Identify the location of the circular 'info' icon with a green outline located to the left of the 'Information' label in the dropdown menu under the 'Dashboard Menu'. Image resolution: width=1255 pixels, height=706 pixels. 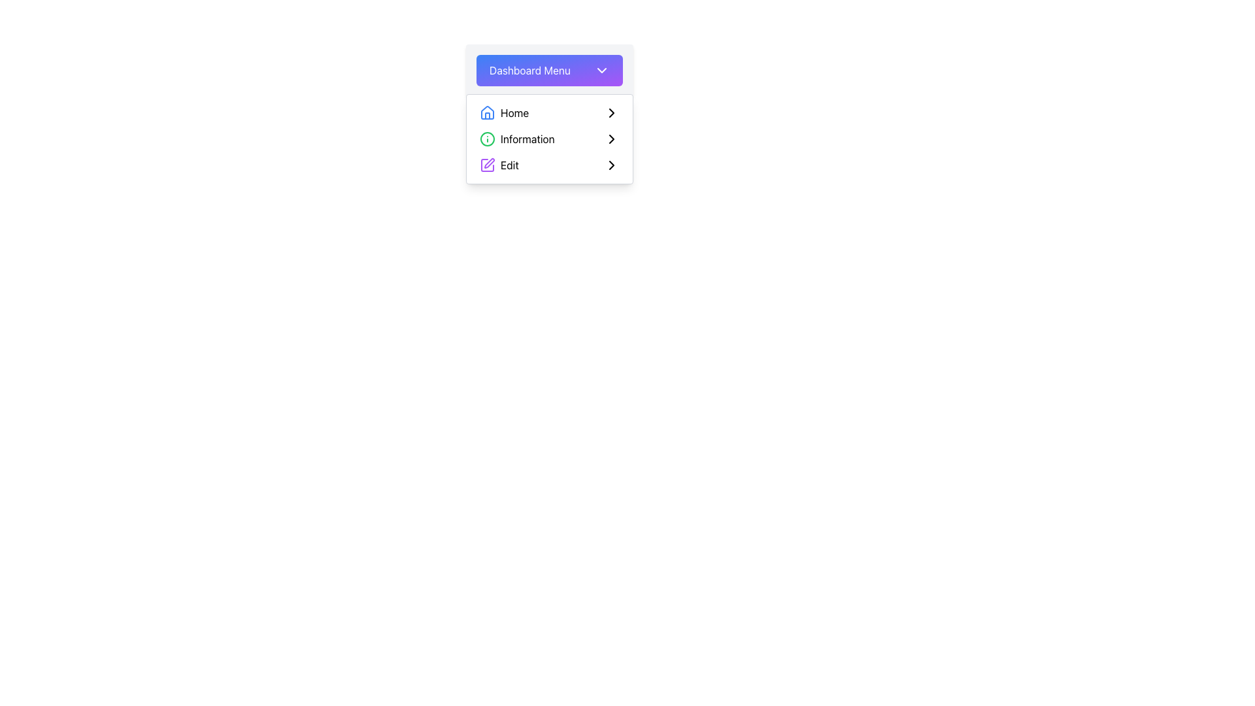
(486, 139).